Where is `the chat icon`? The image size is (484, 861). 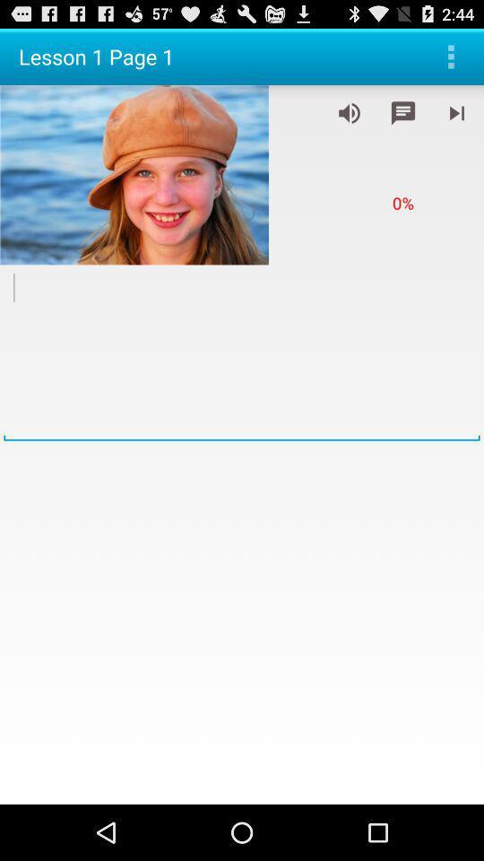
the chat icon is located at coordinates (402, 119).